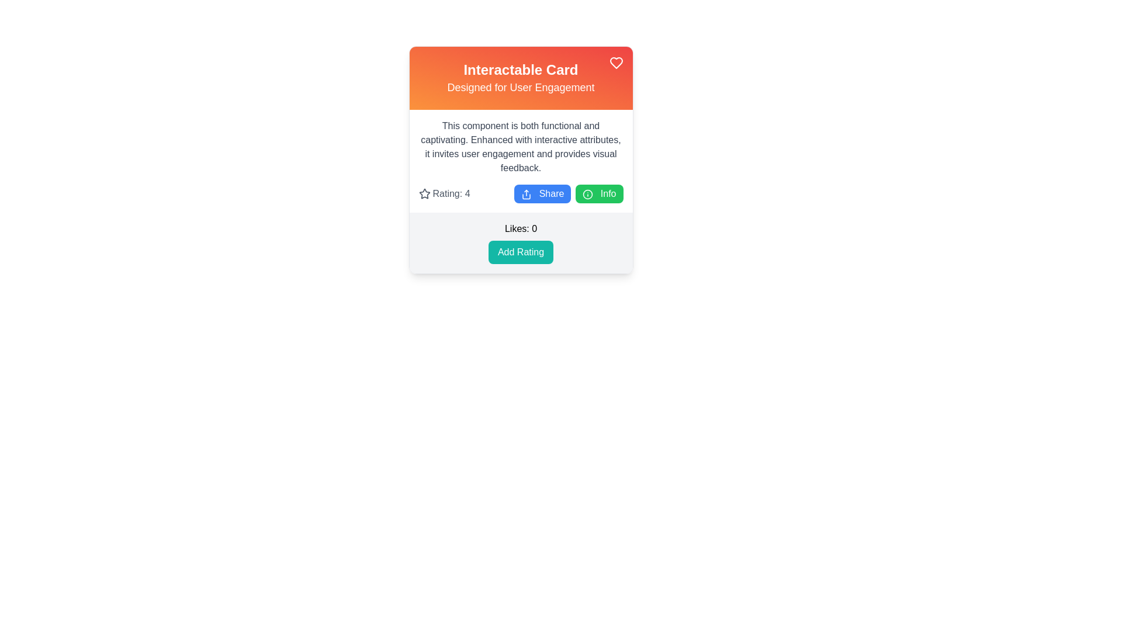 Image resolution: width=1122 pixels, height=631 pixels. What do you see at coordinates (588, 193) in the screenshot?
I see `the circular outline of the 'Info' icon, which is part of a button row and has a diameter of 20 units` at bounding box center [588, 193].